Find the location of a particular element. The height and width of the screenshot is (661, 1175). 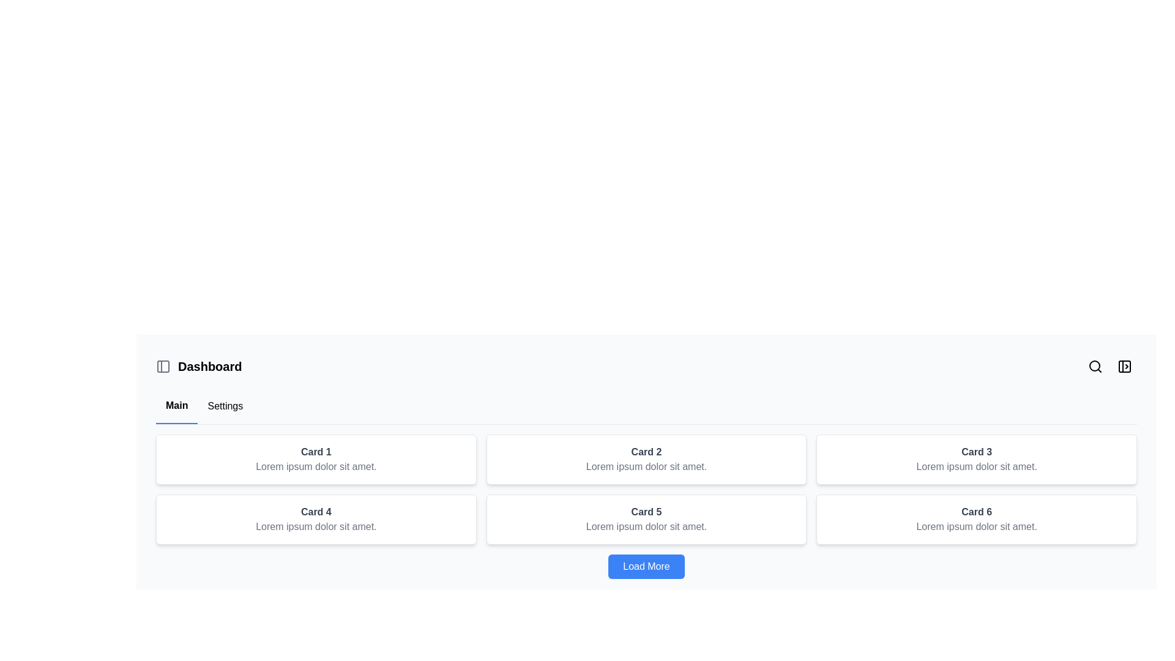

text 'Card 3' from the title/header of the third card in the top-right quadrant of the user interface is located at coordinates (976, 452).